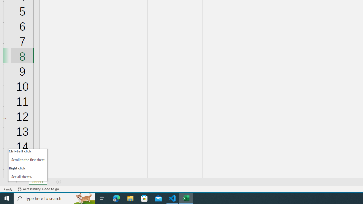 The height and width of the screenshot is (204, 363). What do you see at coordinates (172, 198) in the screenshot?
I see `'Visual Studio Code - 1 running window'` at bounding box center [172, 198].